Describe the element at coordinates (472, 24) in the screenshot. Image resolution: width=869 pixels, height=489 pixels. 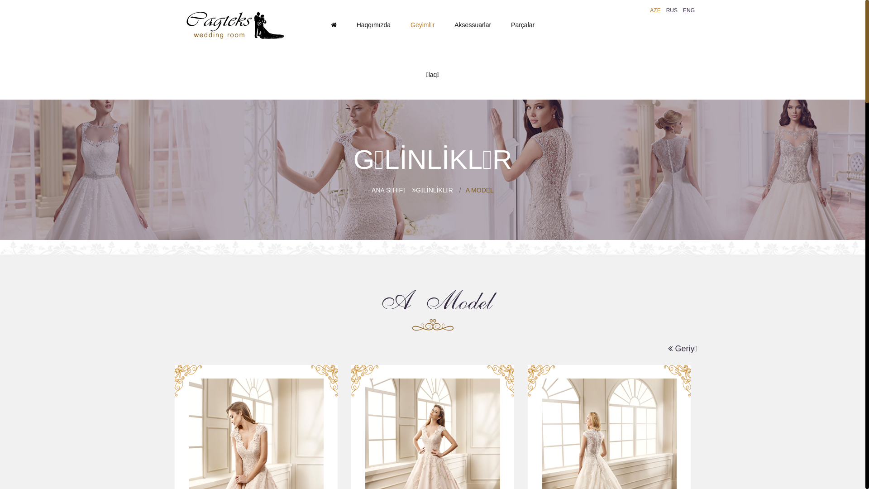
I see `'Aksessuarlar'` at that location.